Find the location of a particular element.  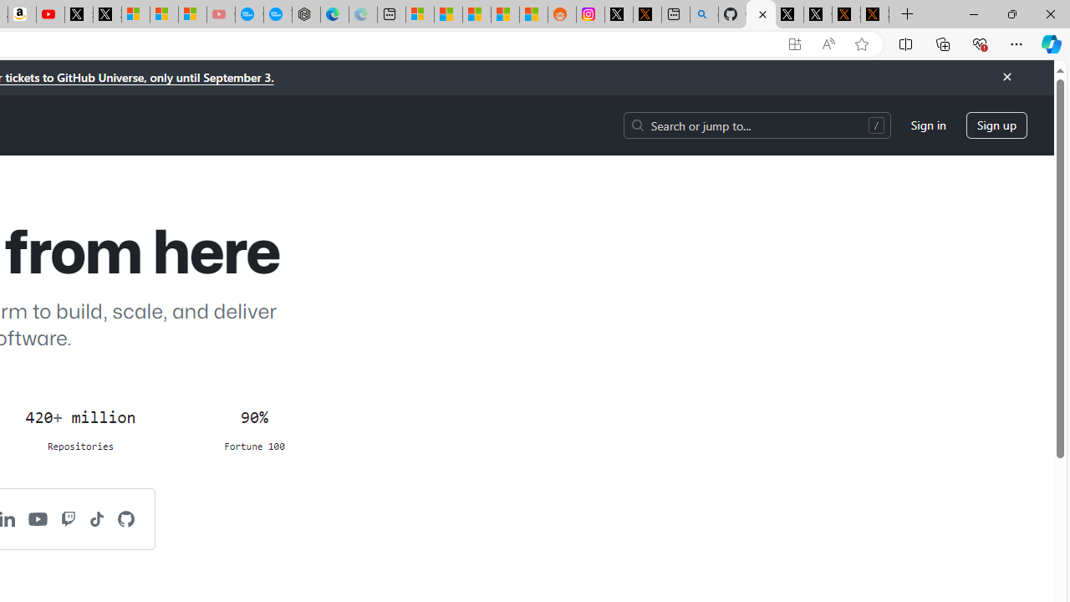

'App available. Install GitHub' is located at coordinates (794, 43).